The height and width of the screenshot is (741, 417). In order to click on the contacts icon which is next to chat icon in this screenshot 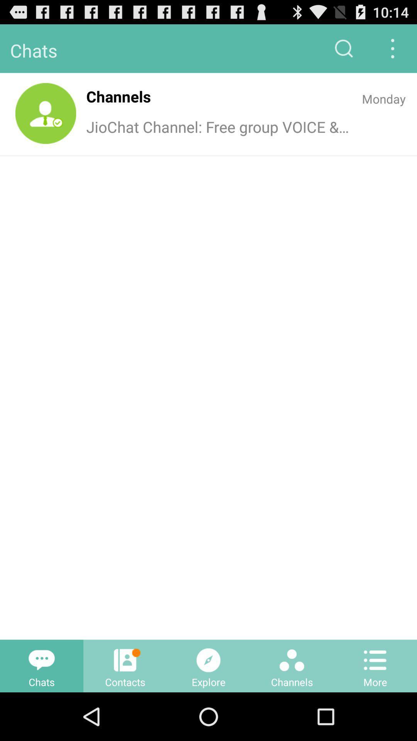, I will do `click(125, 666)`.